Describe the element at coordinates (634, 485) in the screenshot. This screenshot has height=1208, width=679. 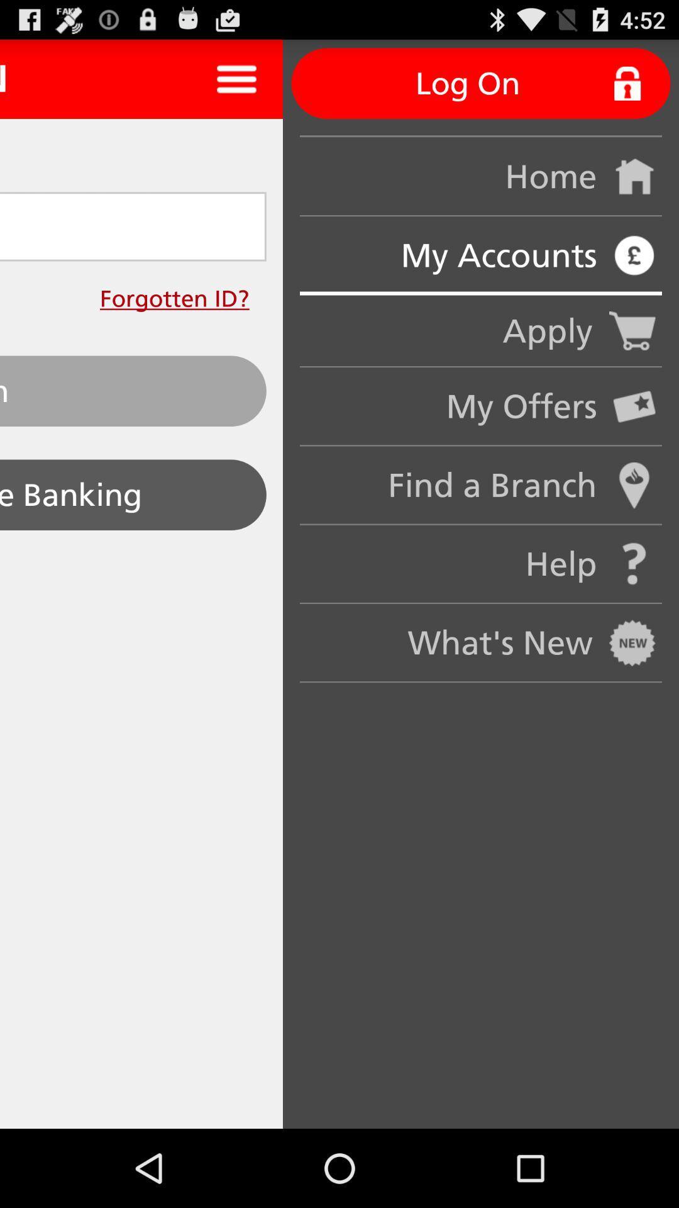
I see `the find a branch` at that location.